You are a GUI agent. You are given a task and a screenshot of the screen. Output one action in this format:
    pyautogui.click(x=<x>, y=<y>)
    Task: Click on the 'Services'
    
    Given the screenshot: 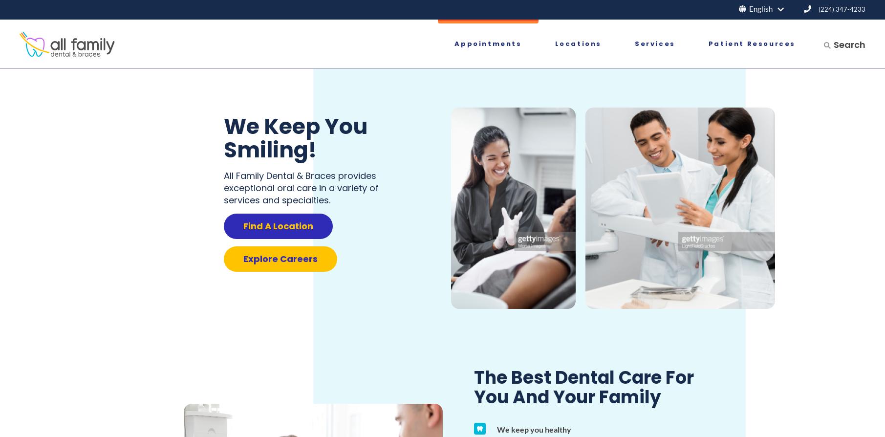 What is the action you would take?
    pyautogui.click(x=654, y=44)
    